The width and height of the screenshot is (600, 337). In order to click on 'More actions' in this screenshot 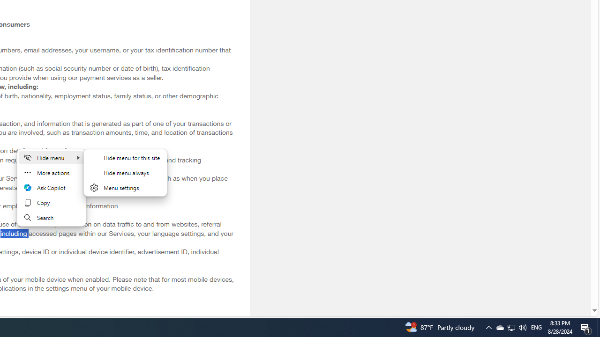, I will do `click(51, 172)`.